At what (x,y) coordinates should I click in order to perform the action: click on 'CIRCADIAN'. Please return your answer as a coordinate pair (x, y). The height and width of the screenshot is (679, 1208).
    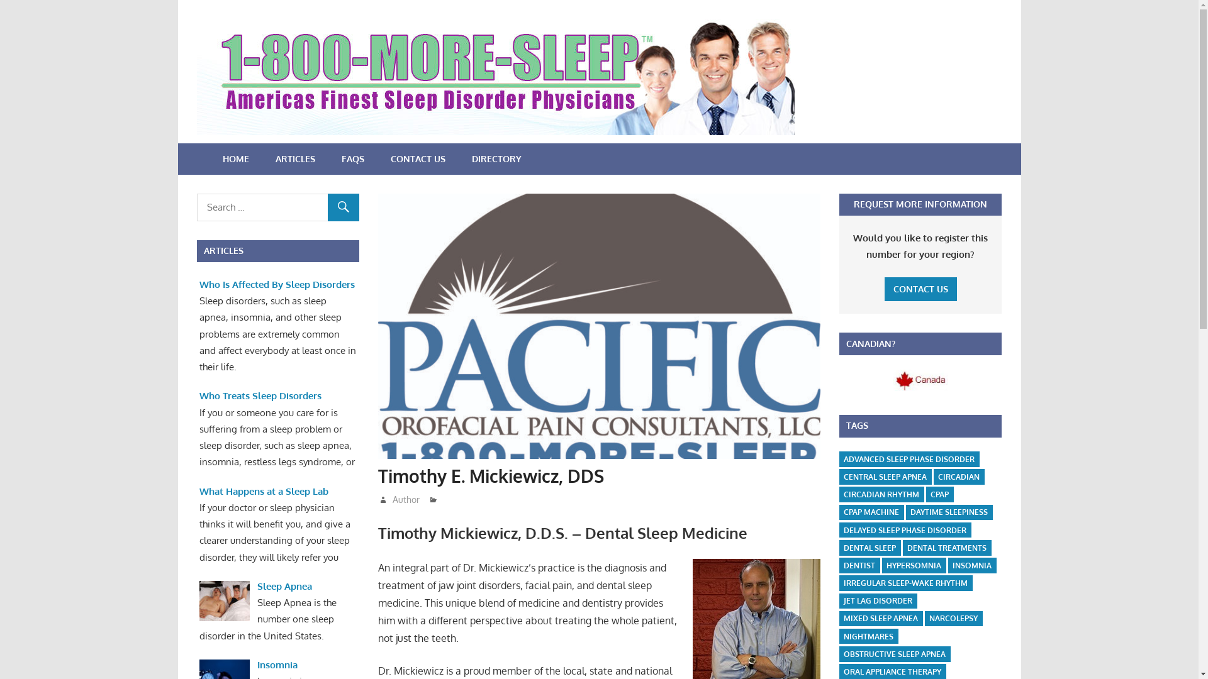
    Looking at the image, I should click on (958, 477).